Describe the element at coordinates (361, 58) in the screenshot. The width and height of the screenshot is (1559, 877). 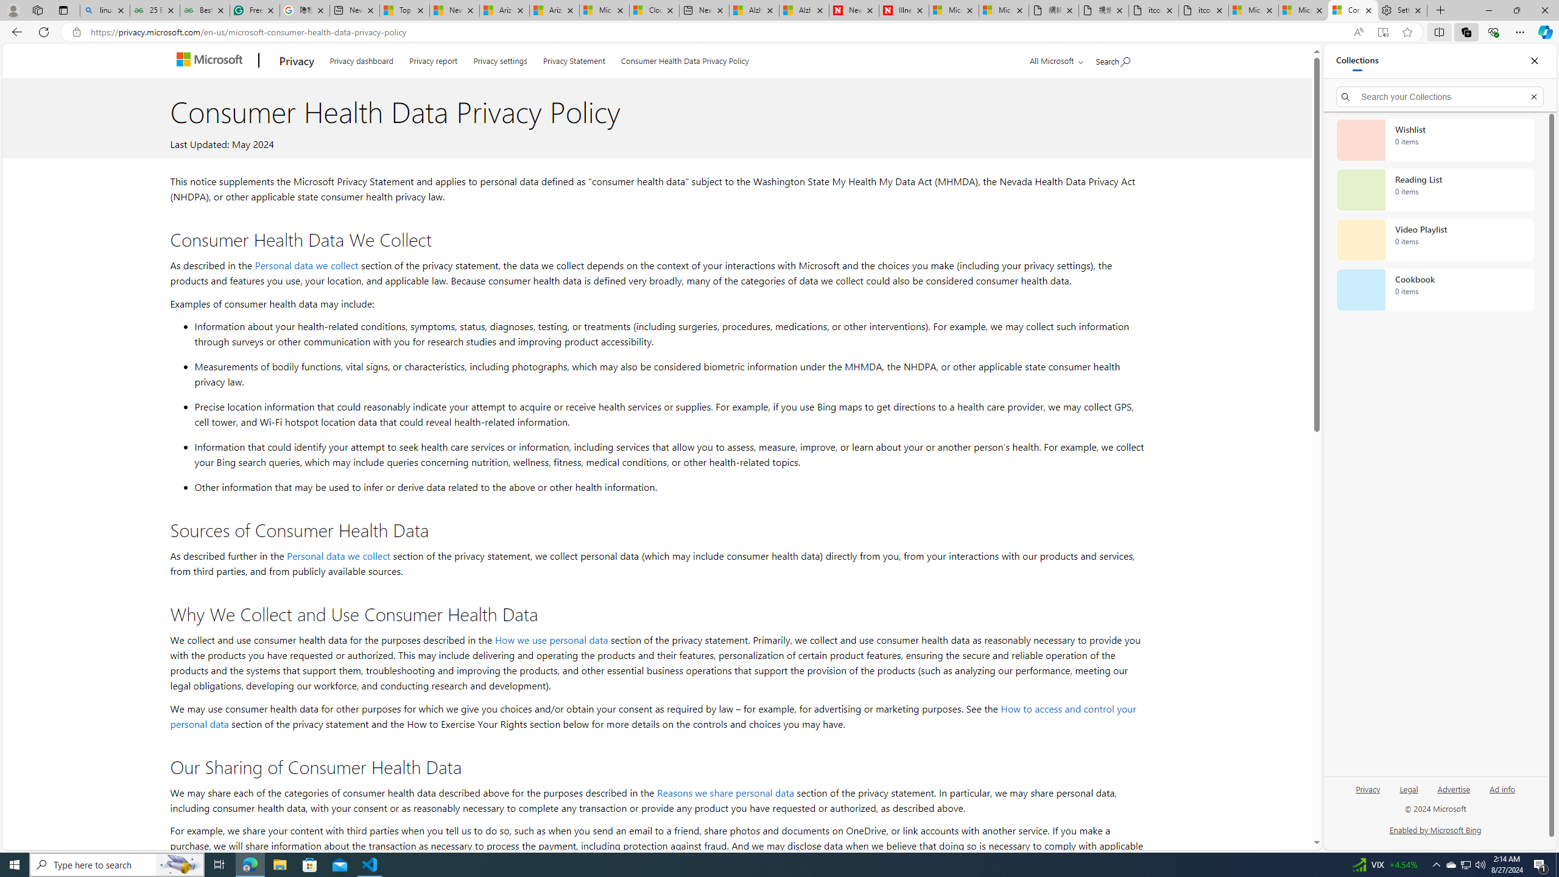
I see `'Privacy dashboard'` at that location.